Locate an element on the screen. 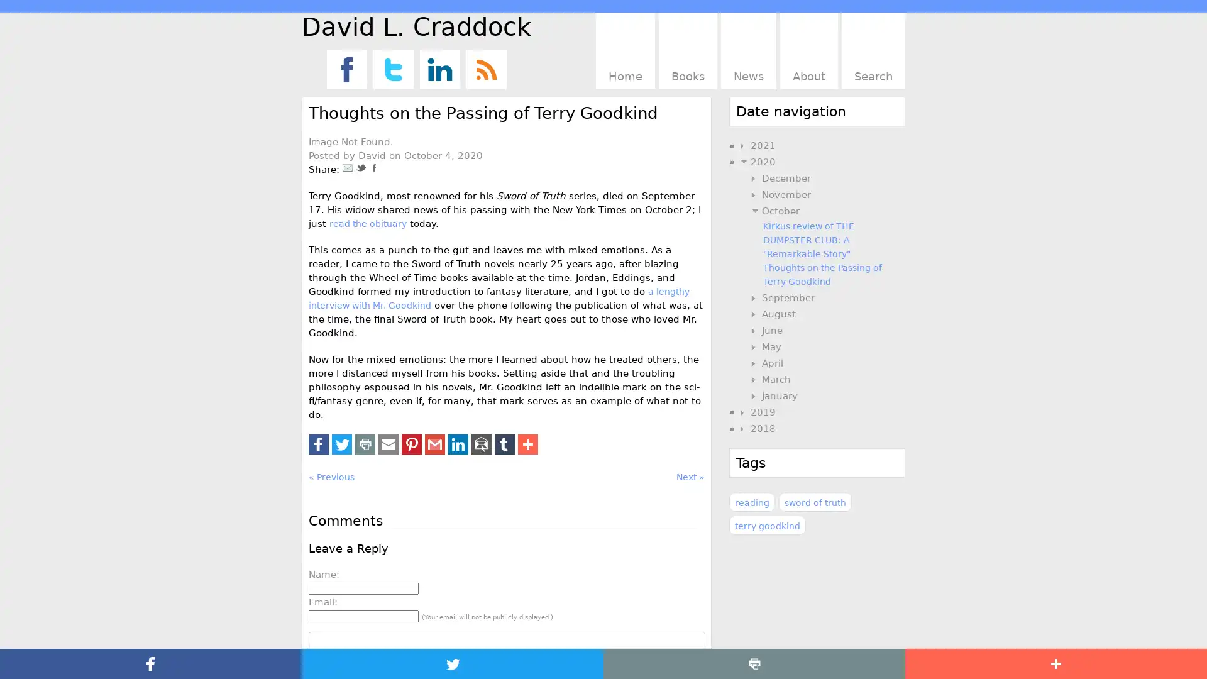 This screenshot has width=1207, height=679. Share to Facebook is located at coordinates (319, 443).